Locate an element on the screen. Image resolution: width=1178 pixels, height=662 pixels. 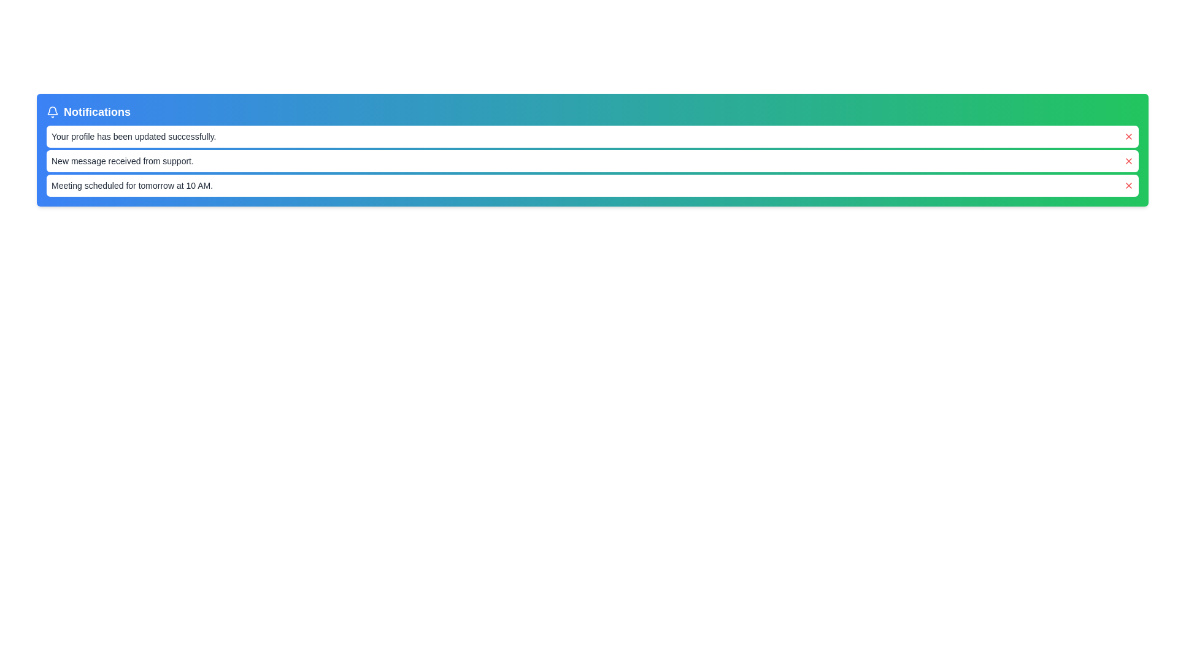
the minimalist outline bell icon located to the left of the 'Notifications' title, which signifies notifications or alerts is located at coordinates (52, 112).